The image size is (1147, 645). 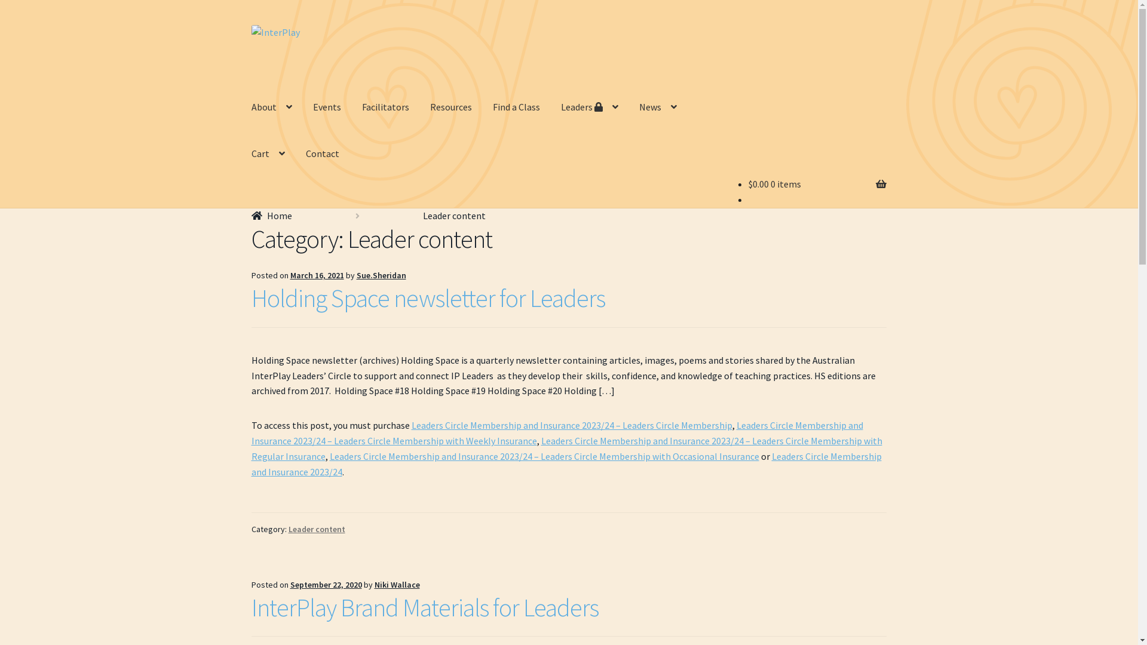 I want to click on 'Sue.Sheridan', so click(x=381, y=275).